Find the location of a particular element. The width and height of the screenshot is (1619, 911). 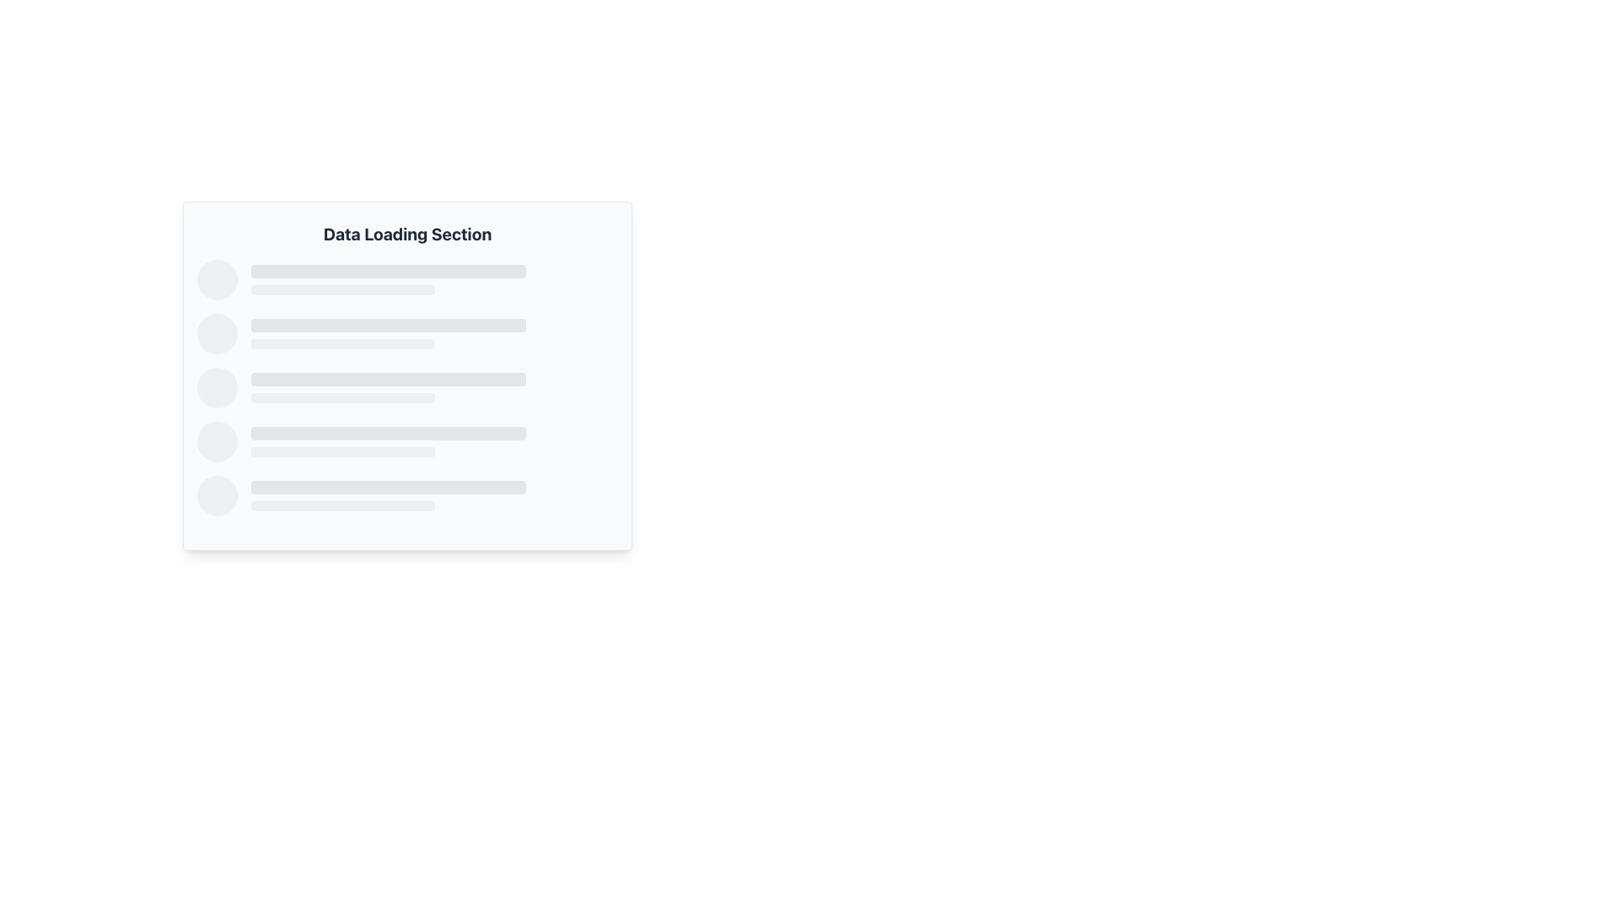

the Progress Indicator or Placeholder Bar, which is a smaller rectangular bar with rounded edges and a light gray background, located below a larger bar in the center-left of the layout is located at coordinates (342, 343).